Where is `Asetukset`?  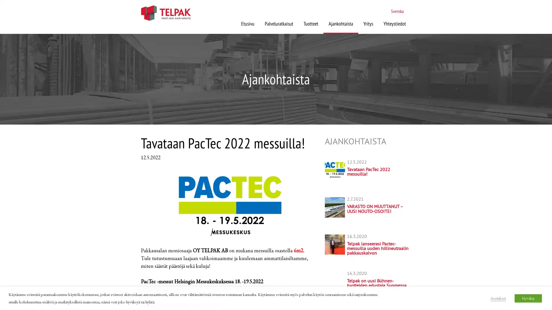
Asetukset is located at coordinates (498, 297).